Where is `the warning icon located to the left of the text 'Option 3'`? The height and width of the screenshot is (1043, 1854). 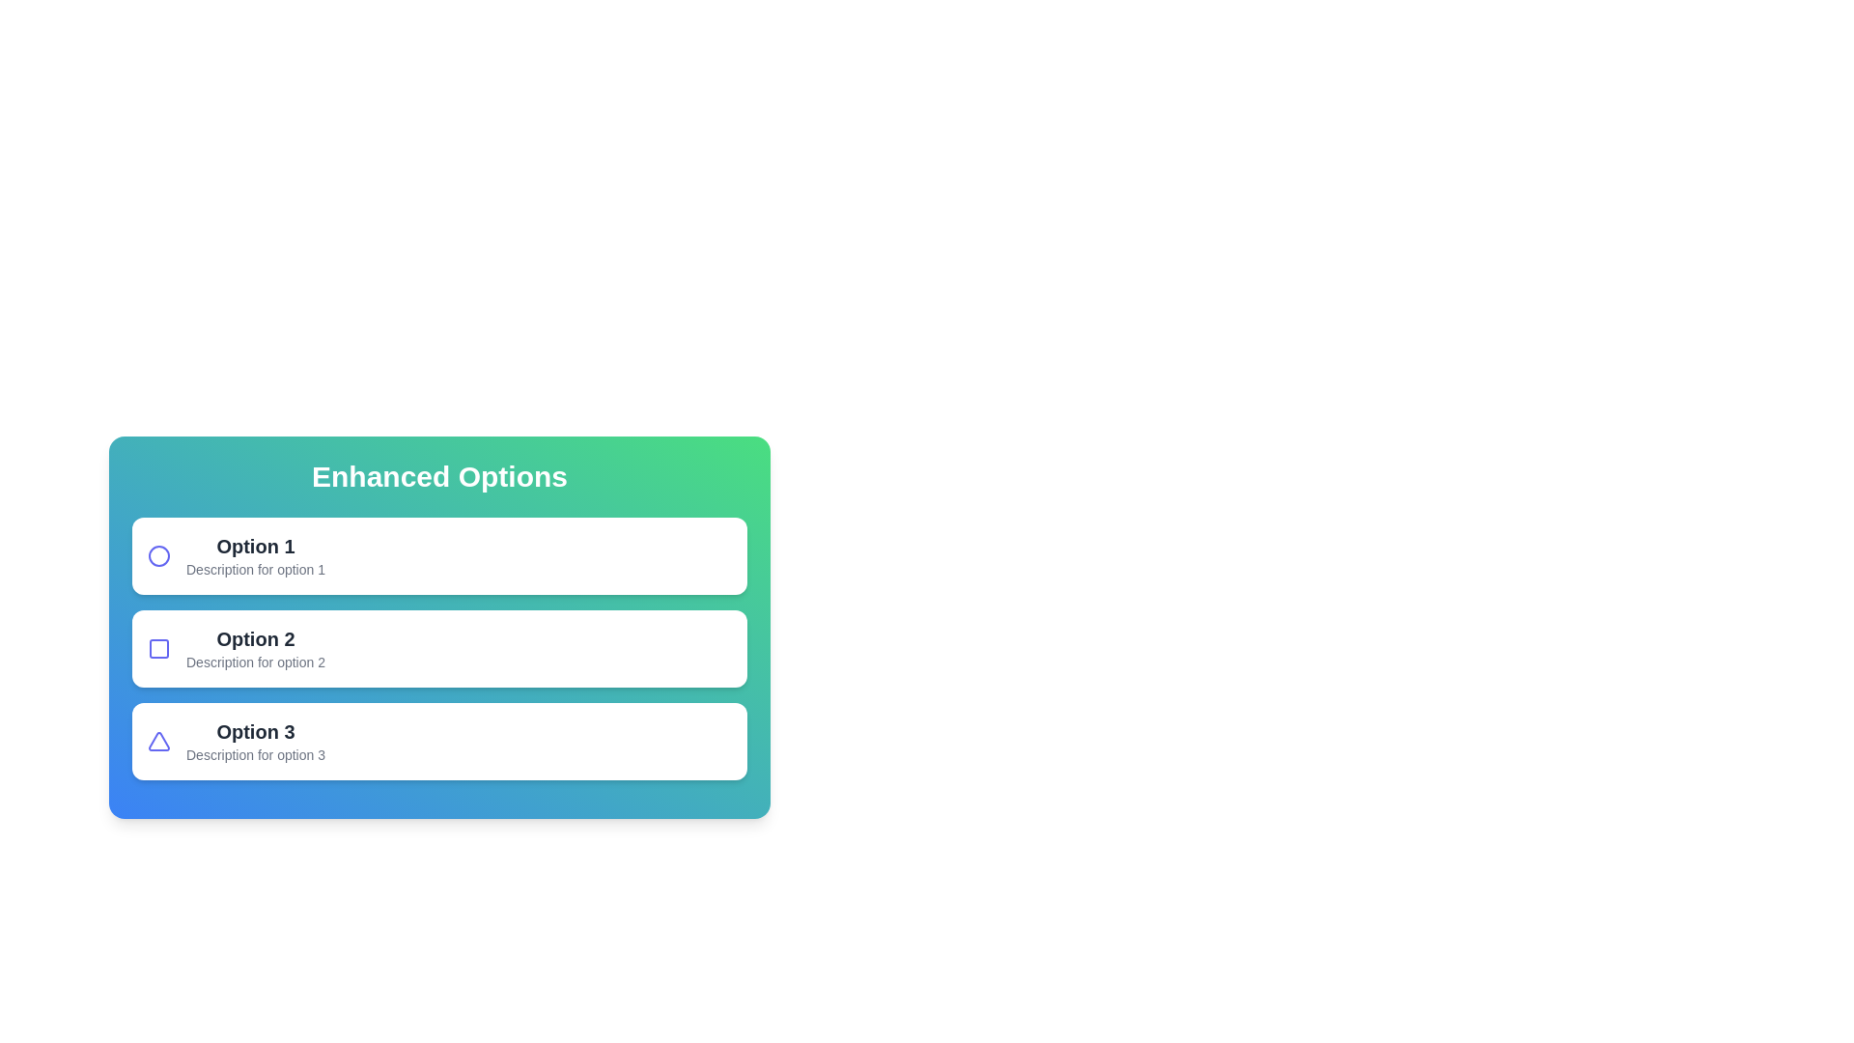
the warning icon located to the left of the text 'Option 3' is located at coordinates (158, 740).